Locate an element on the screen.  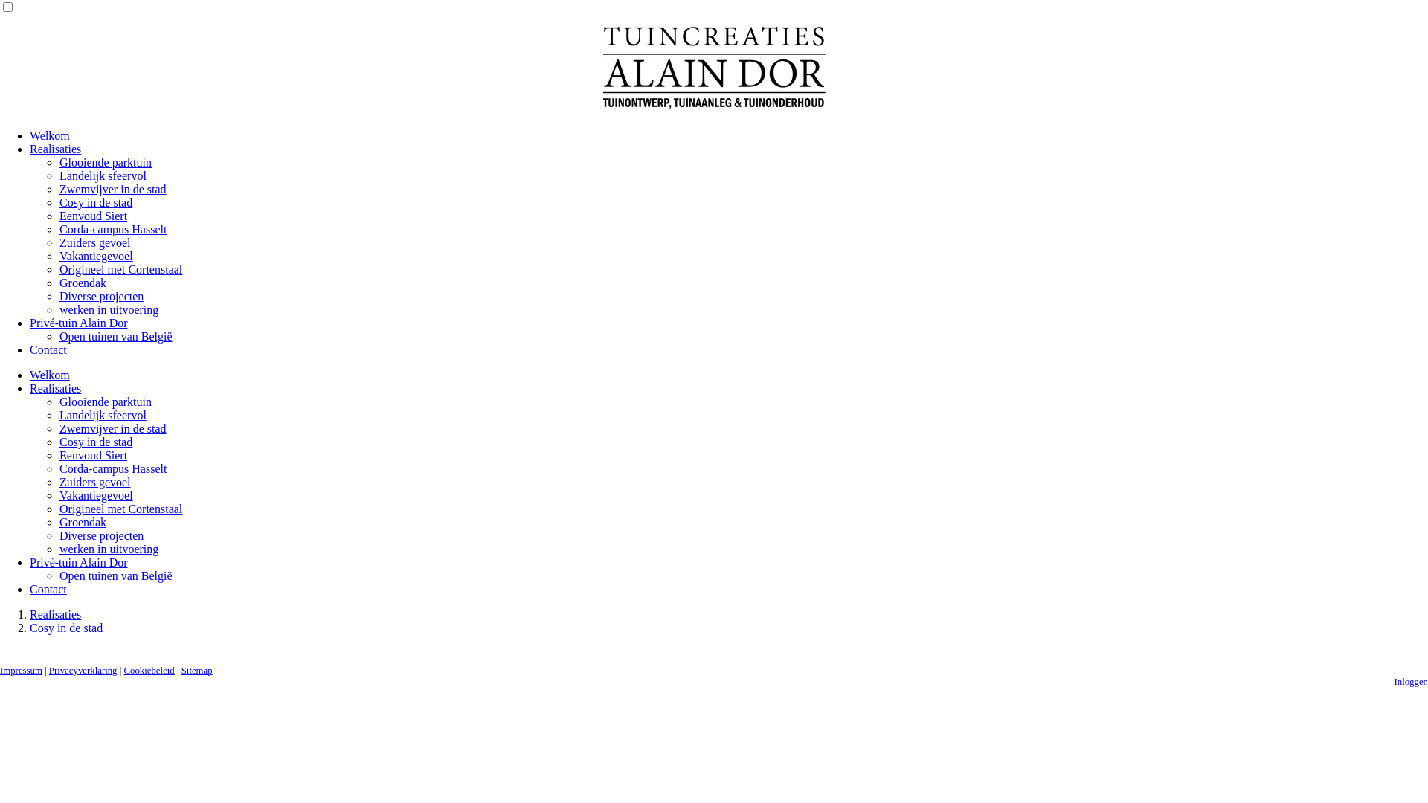
'Eenvoud Siert' is located at coordinates (92, 454).